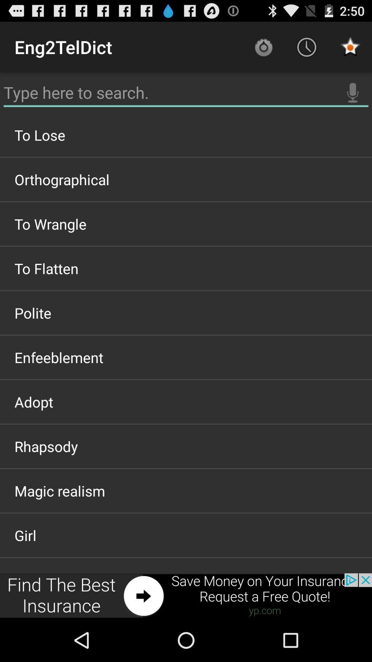  I want to click on the to lose, so click(186, 135).